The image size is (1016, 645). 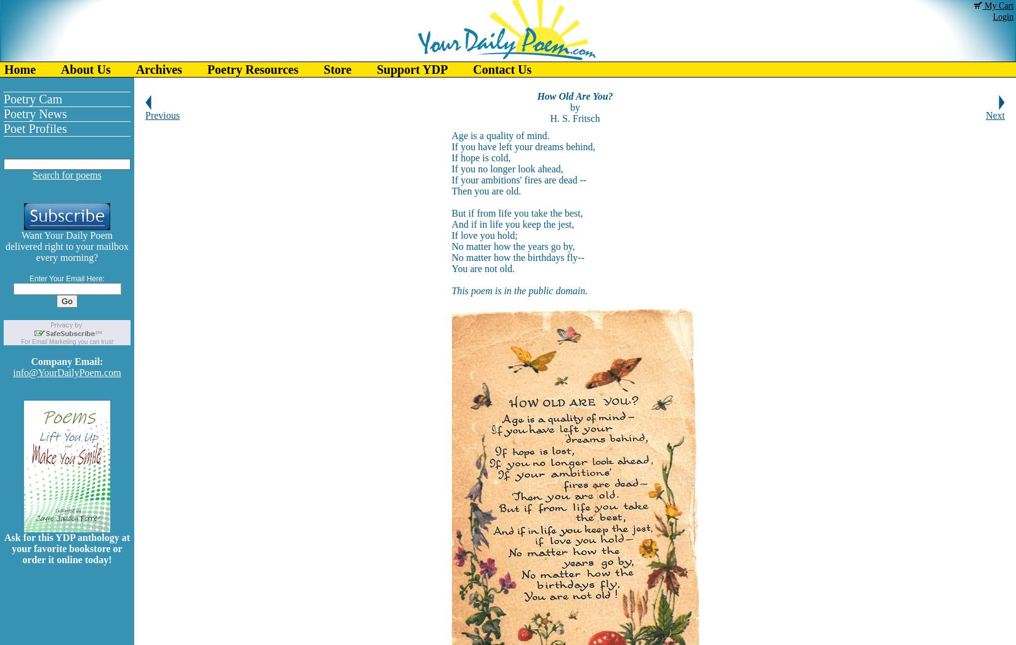 What do you see at coordinates (450, 223) in the screenshot?
I see `'And if in life you keep the jest,'` at bounding box center [450, 223].